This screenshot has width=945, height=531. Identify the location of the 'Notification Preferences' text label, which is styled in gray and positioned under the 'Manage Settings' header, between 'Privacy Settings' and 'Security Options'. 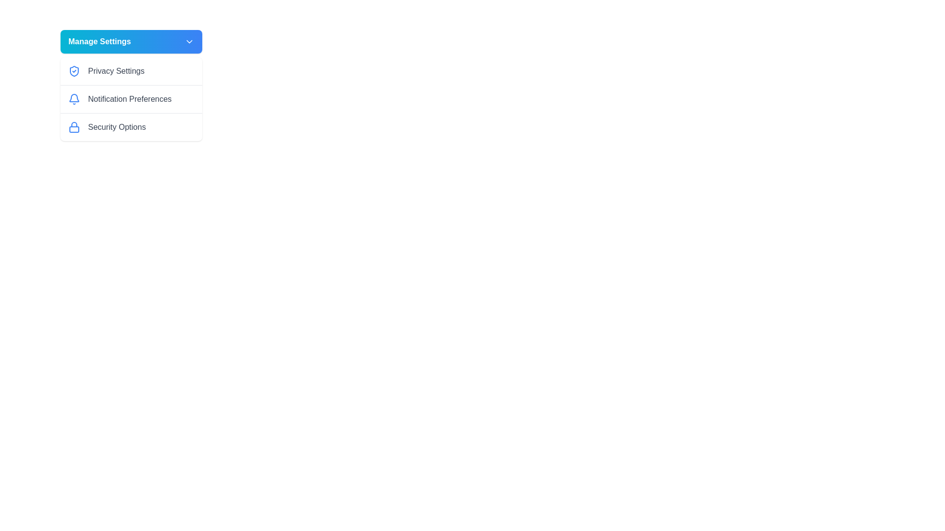
(129, 99).